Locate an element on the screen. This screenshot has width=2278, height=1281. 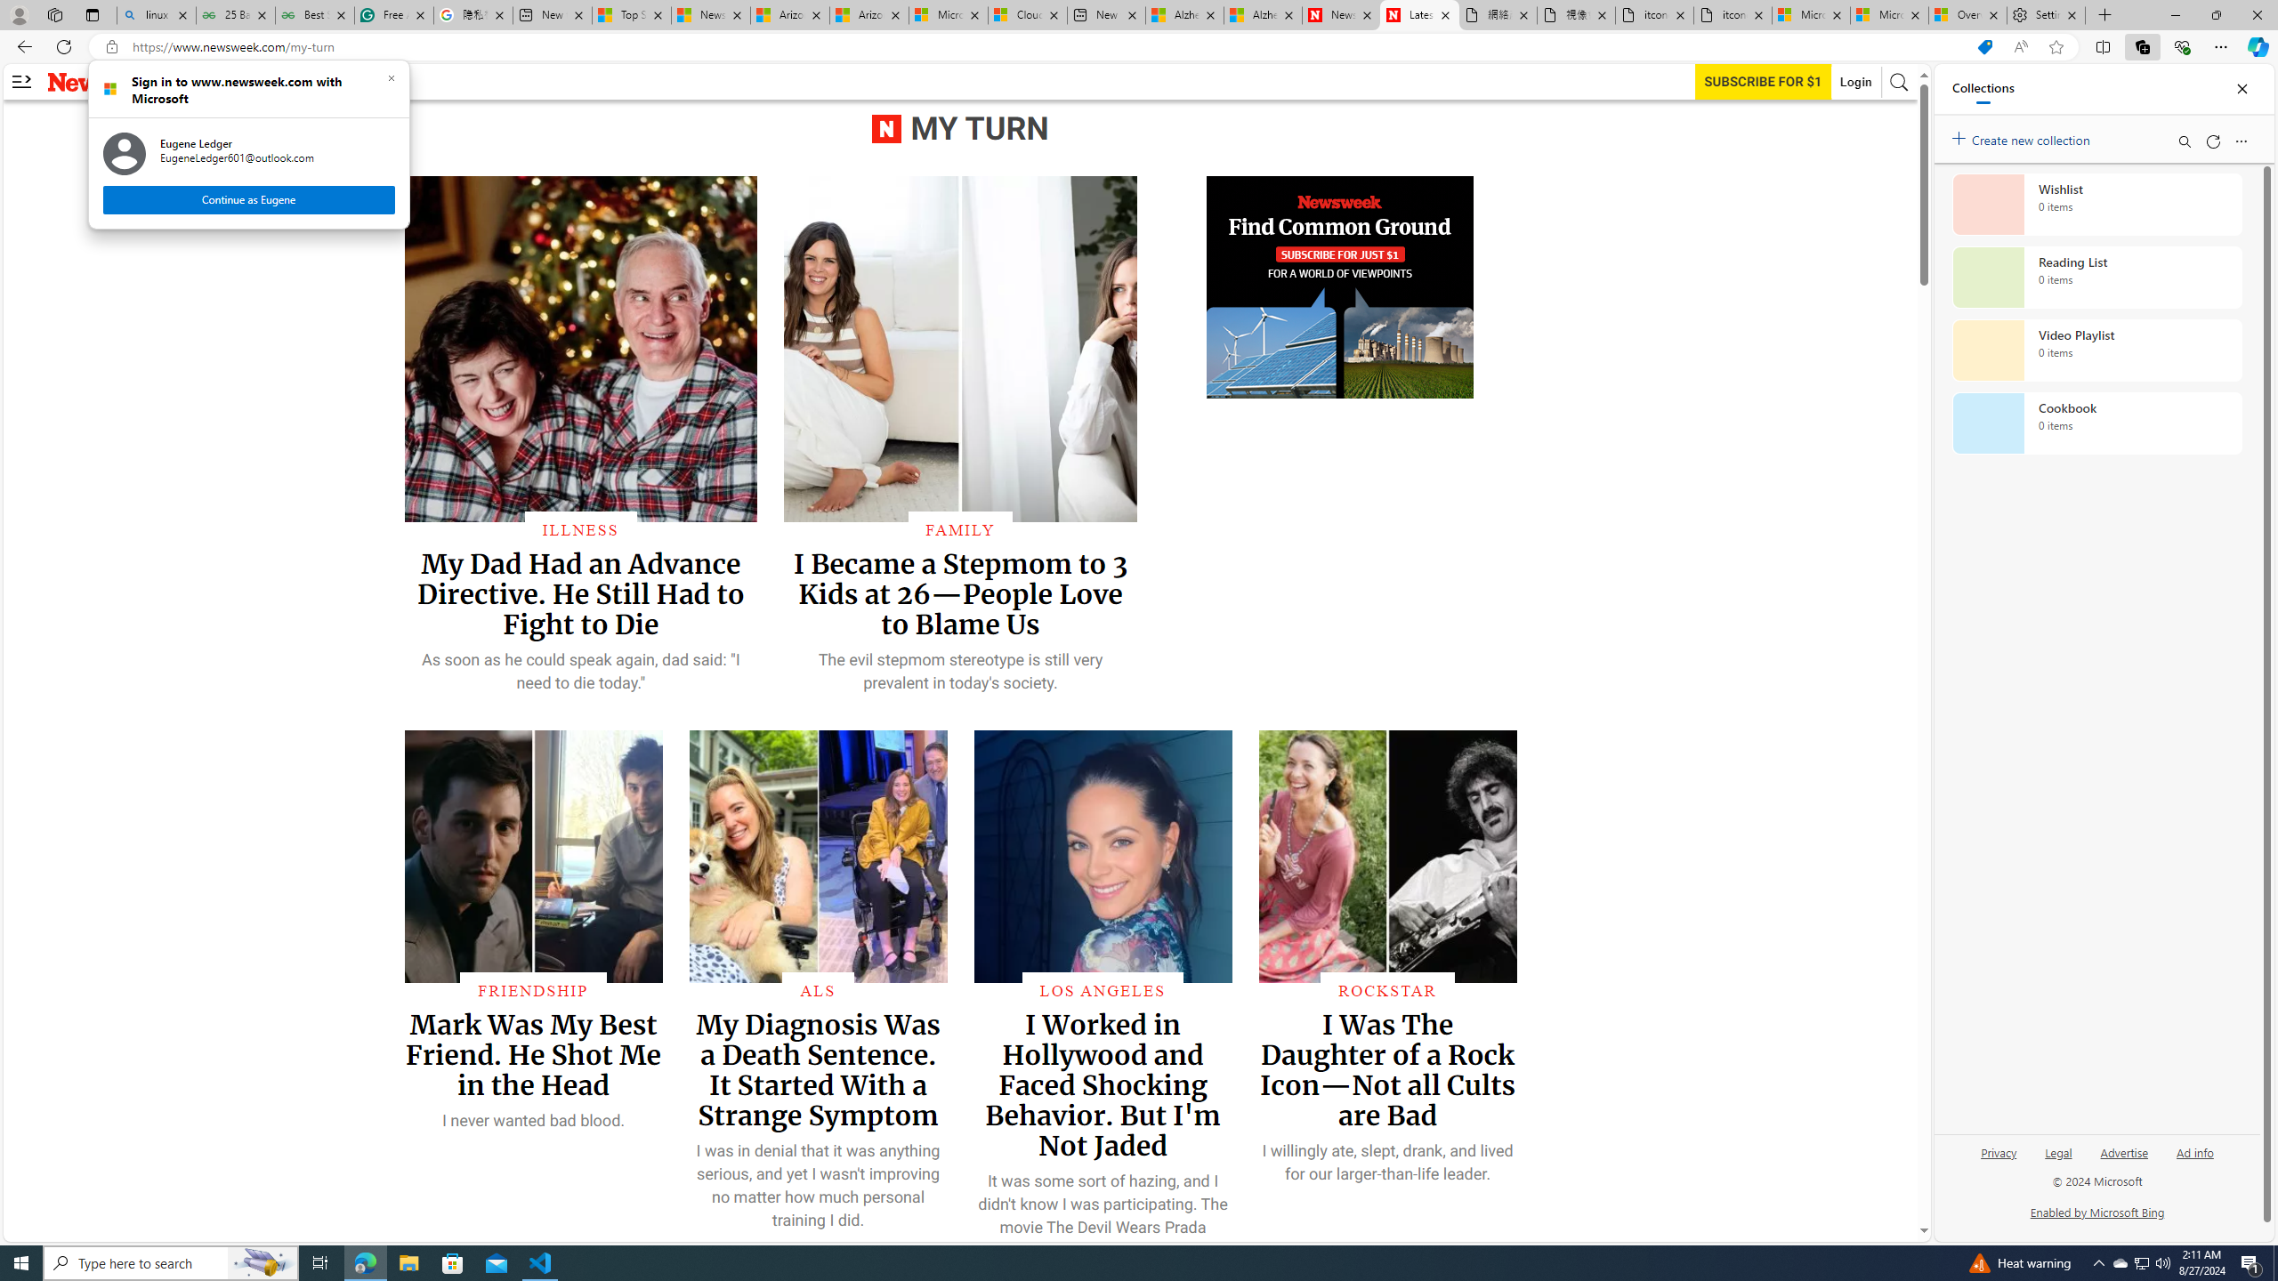
'Advertise' is located at coordinates (2125, 1158).